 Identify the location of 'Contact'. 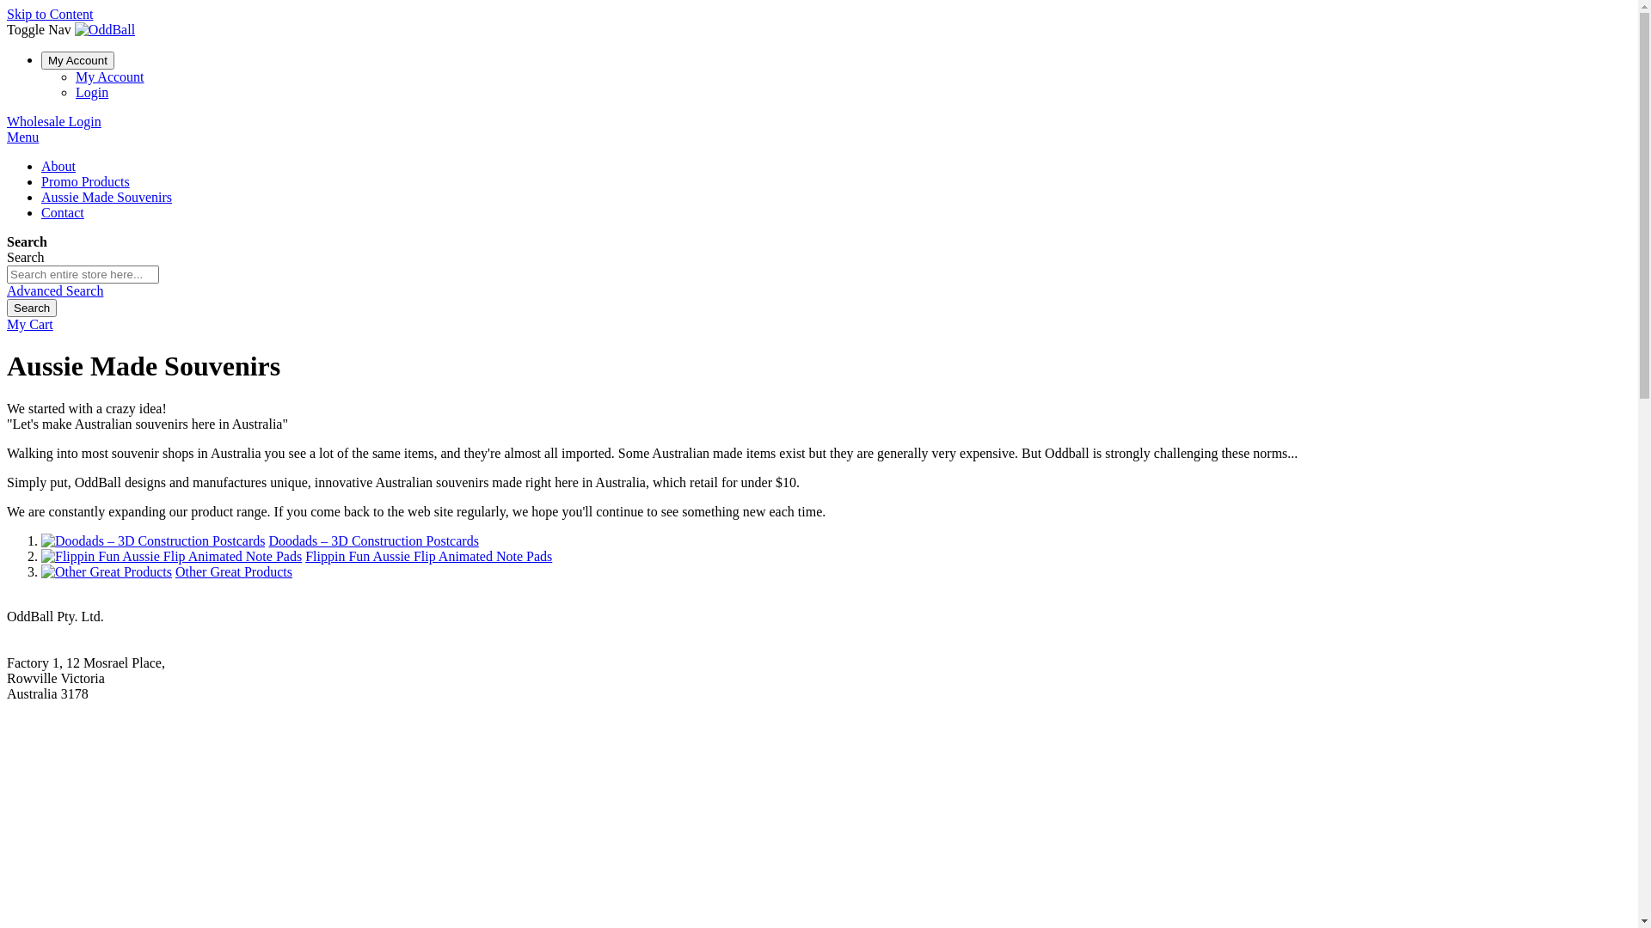
(62, 211).